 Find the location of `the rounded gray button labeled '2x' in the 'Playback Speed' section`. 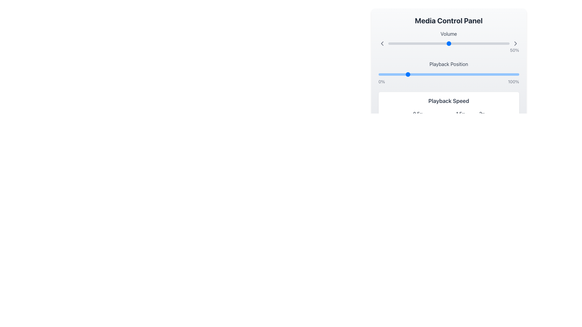

the rounded gray button labeled '2x' in the 'Playback Speed' section is located at coordinates (481, 114).